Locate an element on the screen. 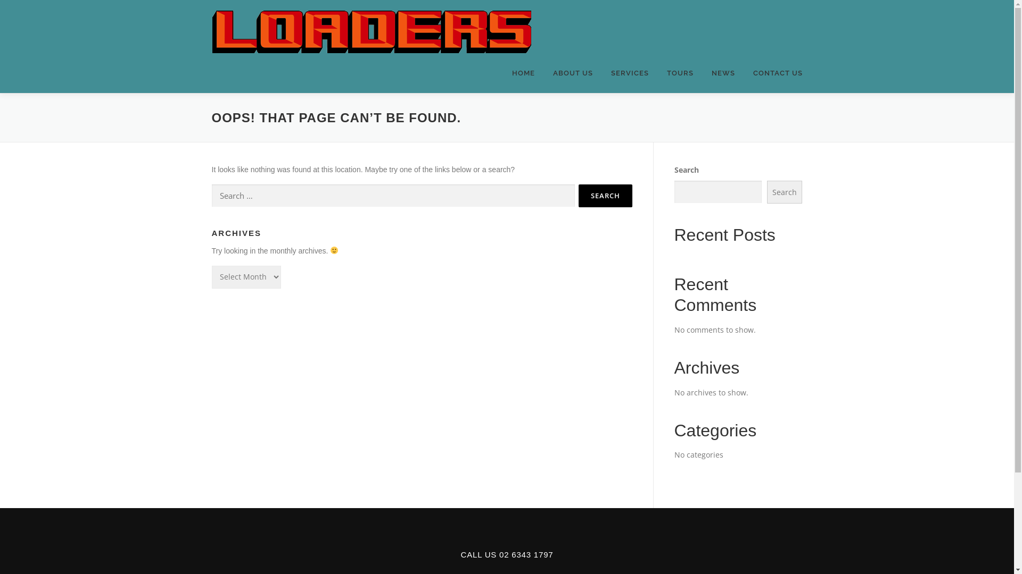 Image resolution: width=1022 pixels, height=574 pixels. 'NEWS' is located at coordinates (723, 72).